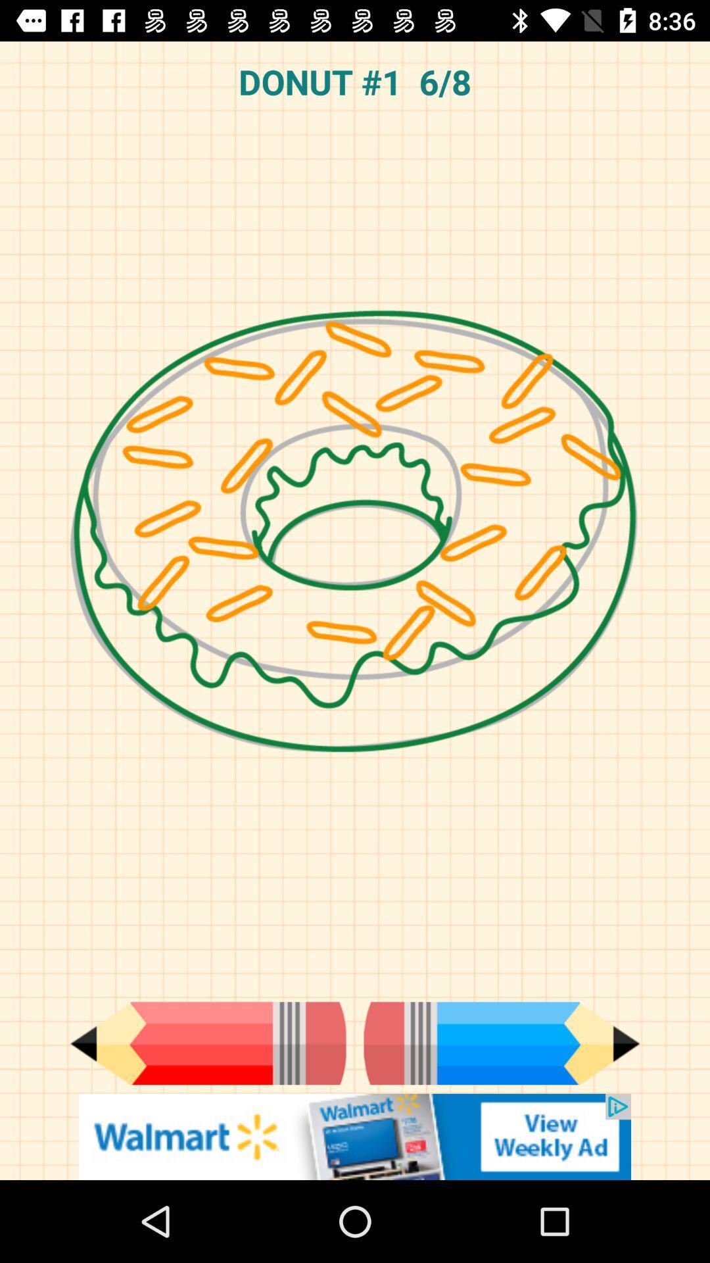 The height and width of the screenshot is (1263, 710). What do you see at coordinates (355, 1136) in the screenshot?
I see `banner advertisement` at bounding box center [355, 1136].